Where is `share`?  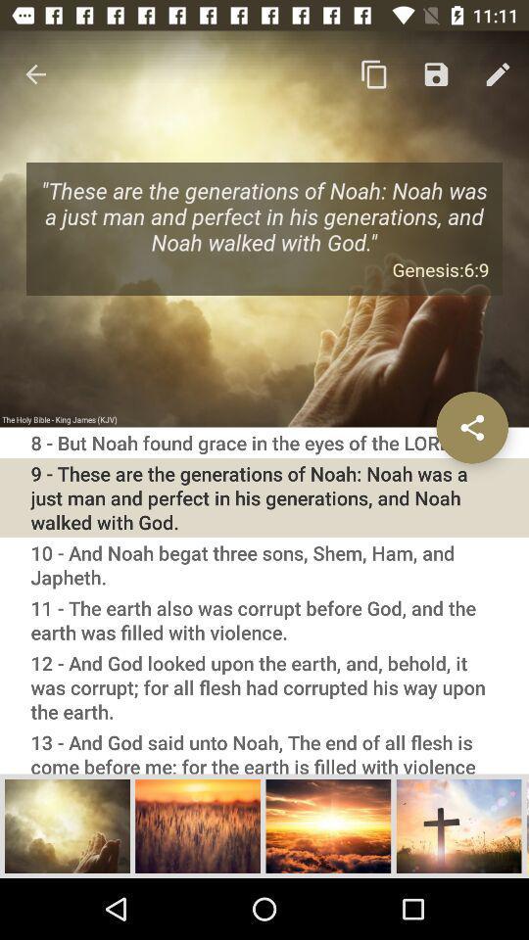 share is located at coordinates (471, 427).